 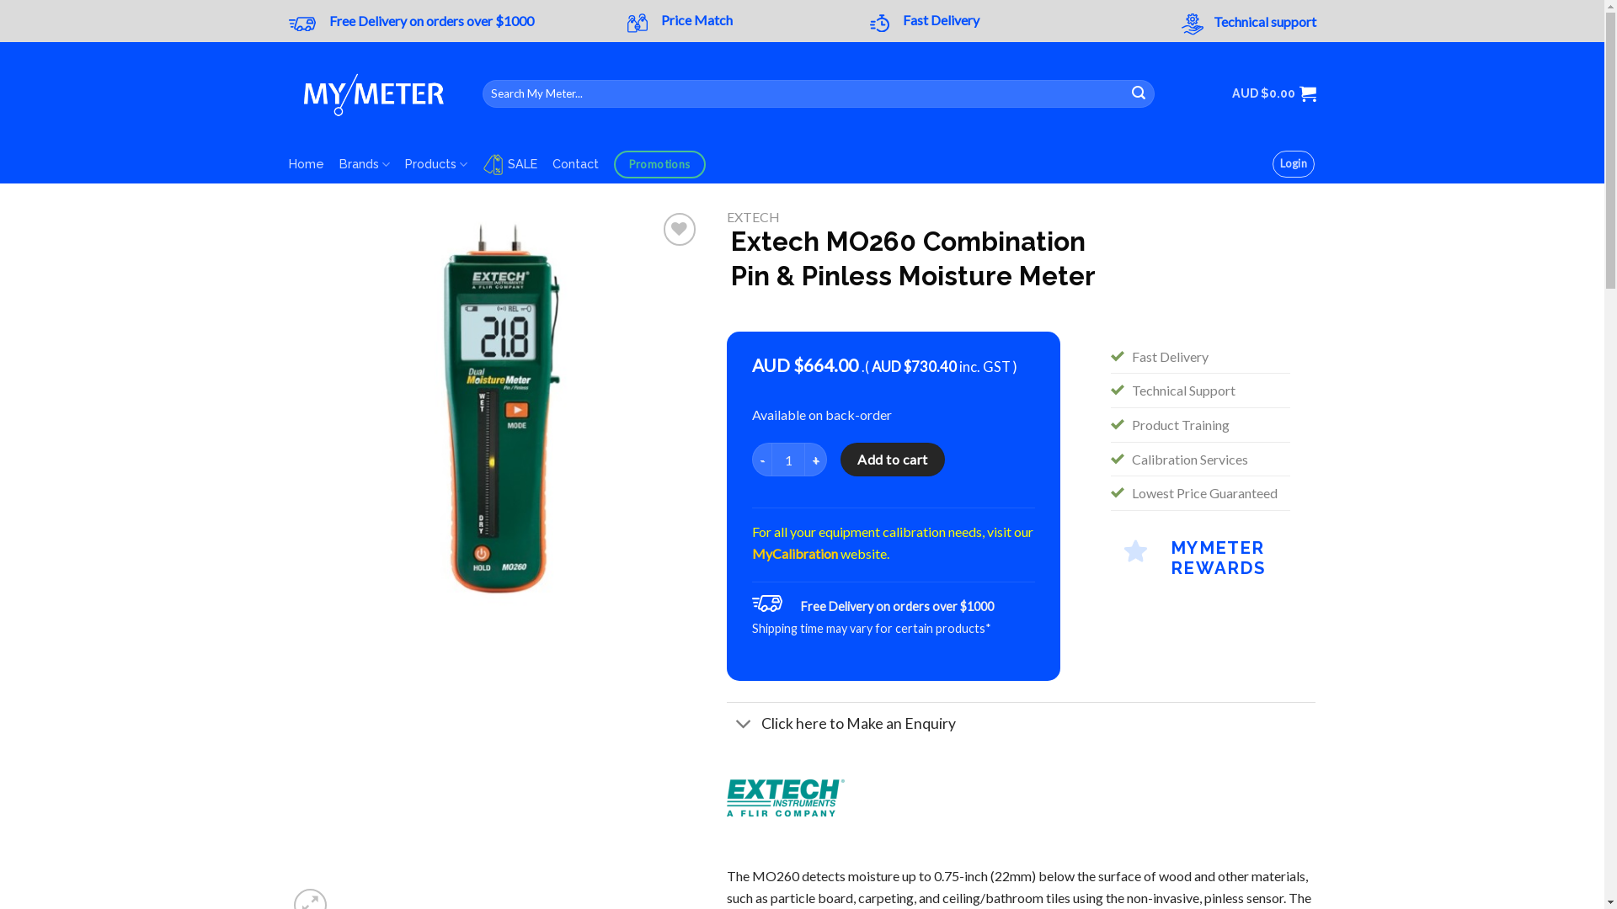 What do you see at coordinates (371, 93) in the screenshot?
I see `'My Meter - Electrical Test Equipment | Melbourne'` at bounding box center [371, 93].